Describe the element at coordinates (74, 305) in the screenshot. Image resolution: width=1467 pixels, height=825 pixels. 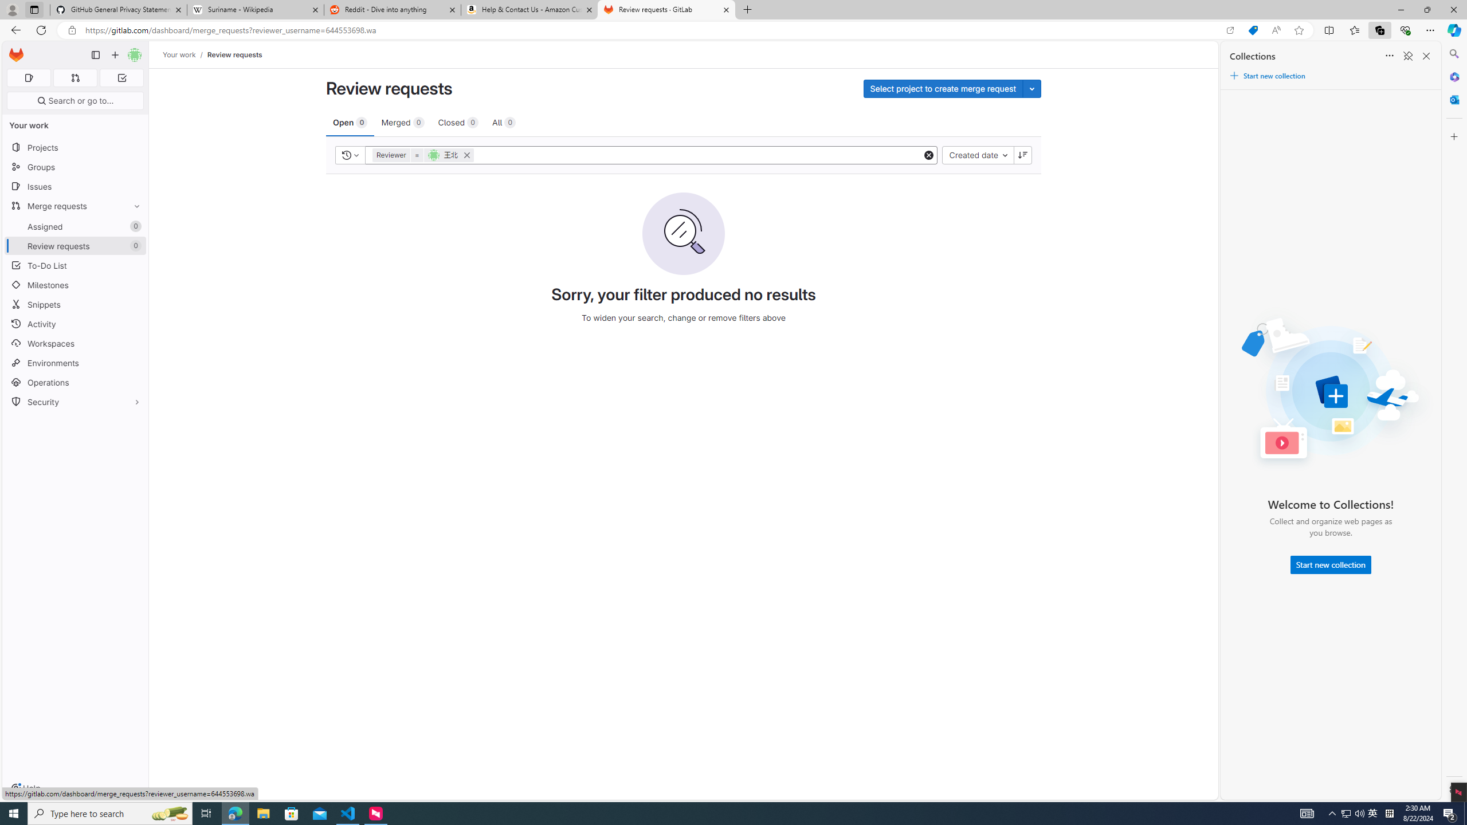
I see `'Snippets'` at that location.